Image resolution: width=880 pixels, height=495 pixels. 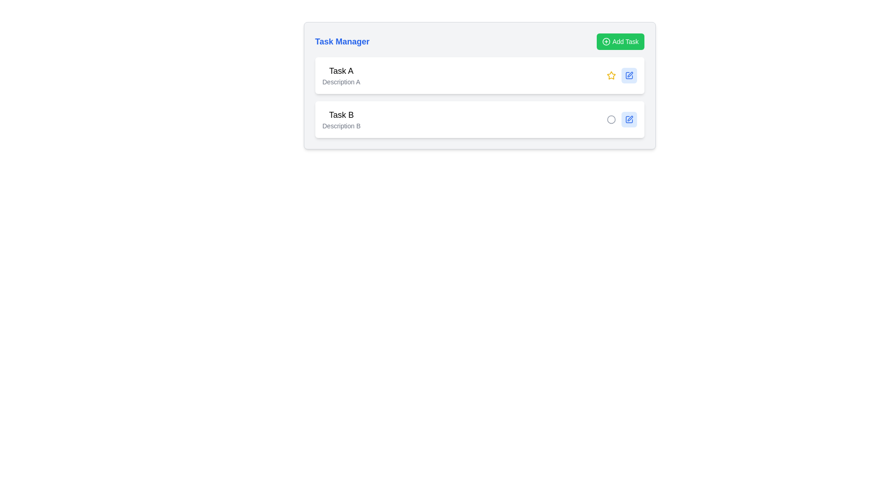 What do you see at coordinates (611, 75) in the screenshot?
I see `the yellow star icon button located to the right of the 'Task A' entry in the task list` at bounding box center [611, 75].